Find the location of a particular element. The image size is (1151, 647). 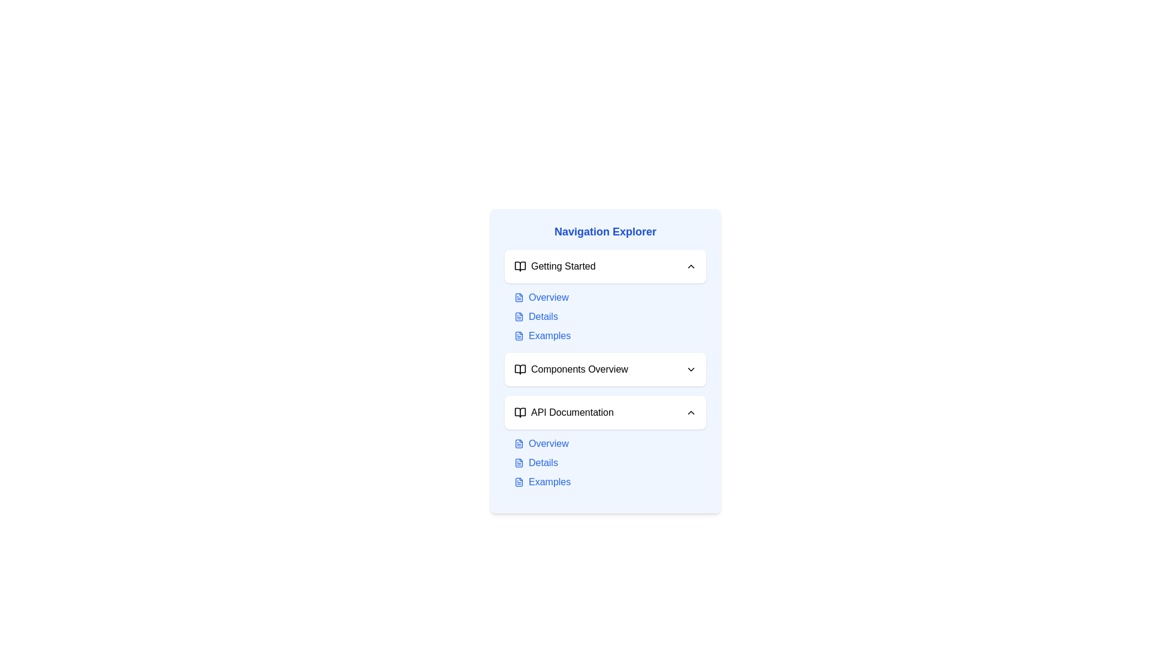

the 'Components Overview' navigation item, which is the second item in the vertical list under the 'Getting Started' section is located at coordinates (570, 369).